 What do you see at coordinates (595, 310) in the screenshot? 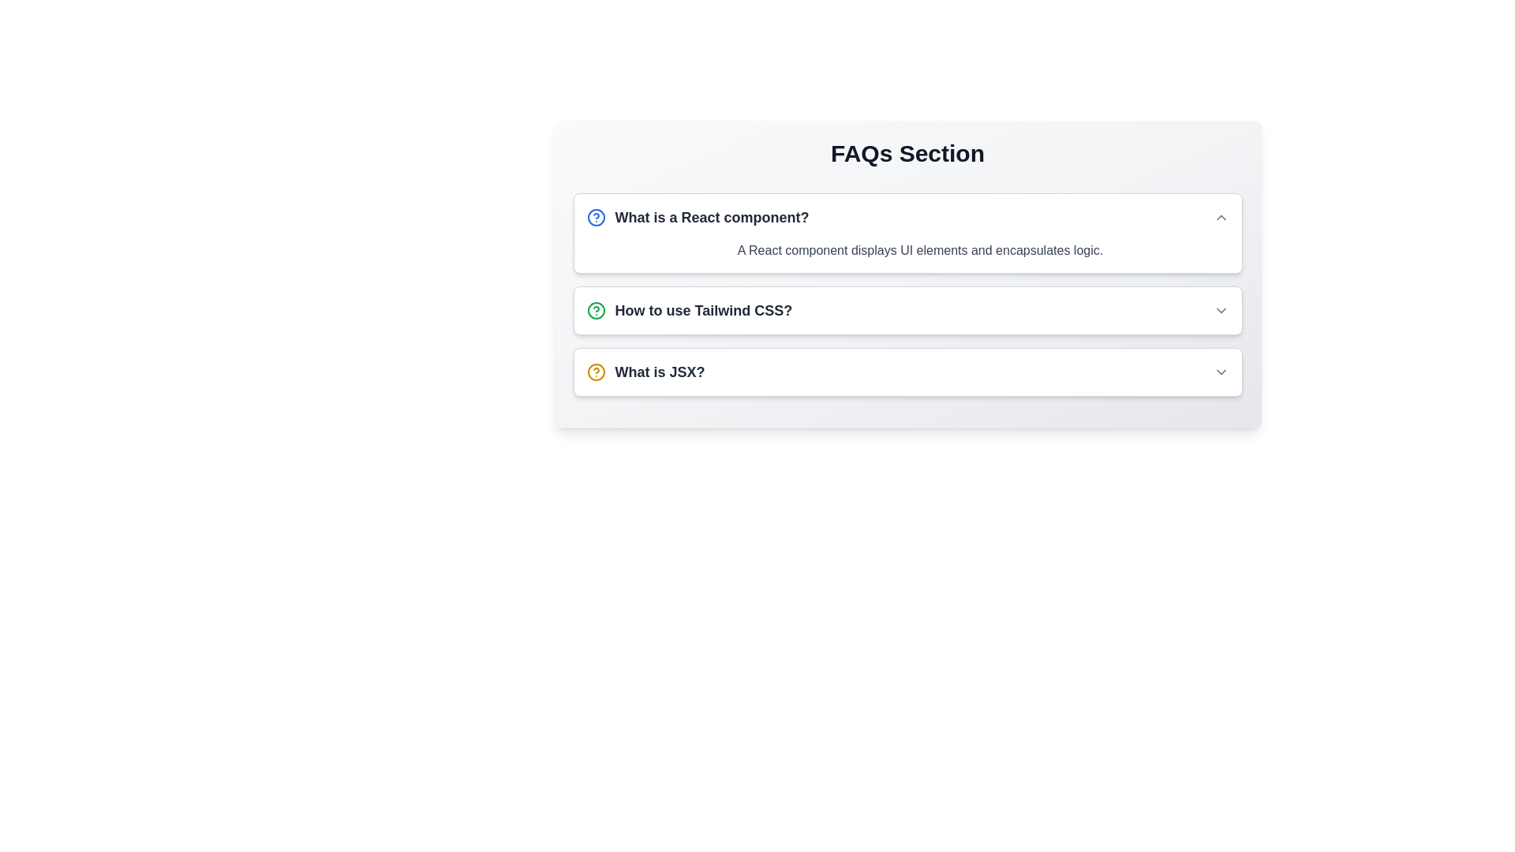
I see `the decorative circle SVG element that represents the FAQ item 'What is a React component?' in the collapsible FAQ section` at bounding box center [595, 310].